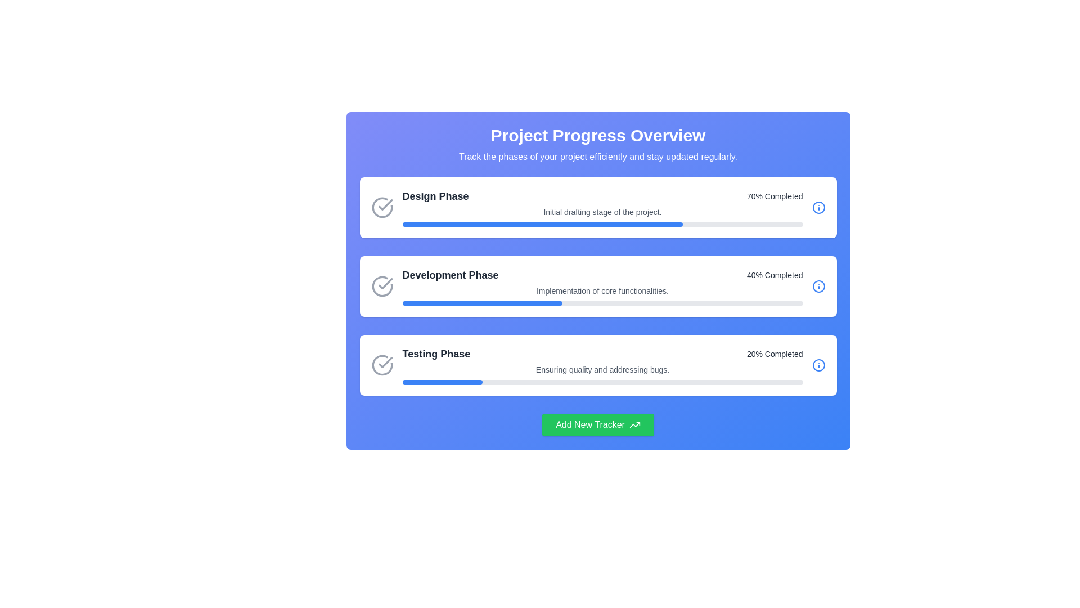  Describe the element at coordinates (602, 381) in the screenshot. I see `the progress bar located at the bottom of the 'Testing Phase' block, directly beneath the text 'Ensuring quality and addressing bugs.'` at that location.